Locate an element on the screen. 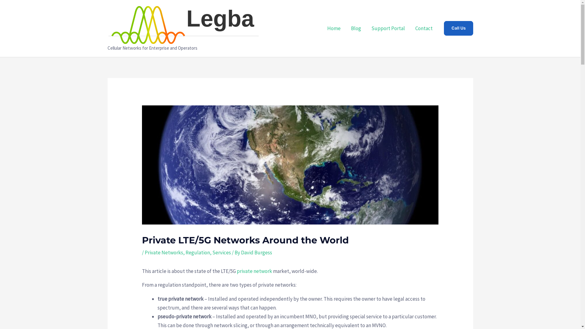 This screenshot has height=329, width=585. 'Private Networks' is located at coordinates (164, 253).